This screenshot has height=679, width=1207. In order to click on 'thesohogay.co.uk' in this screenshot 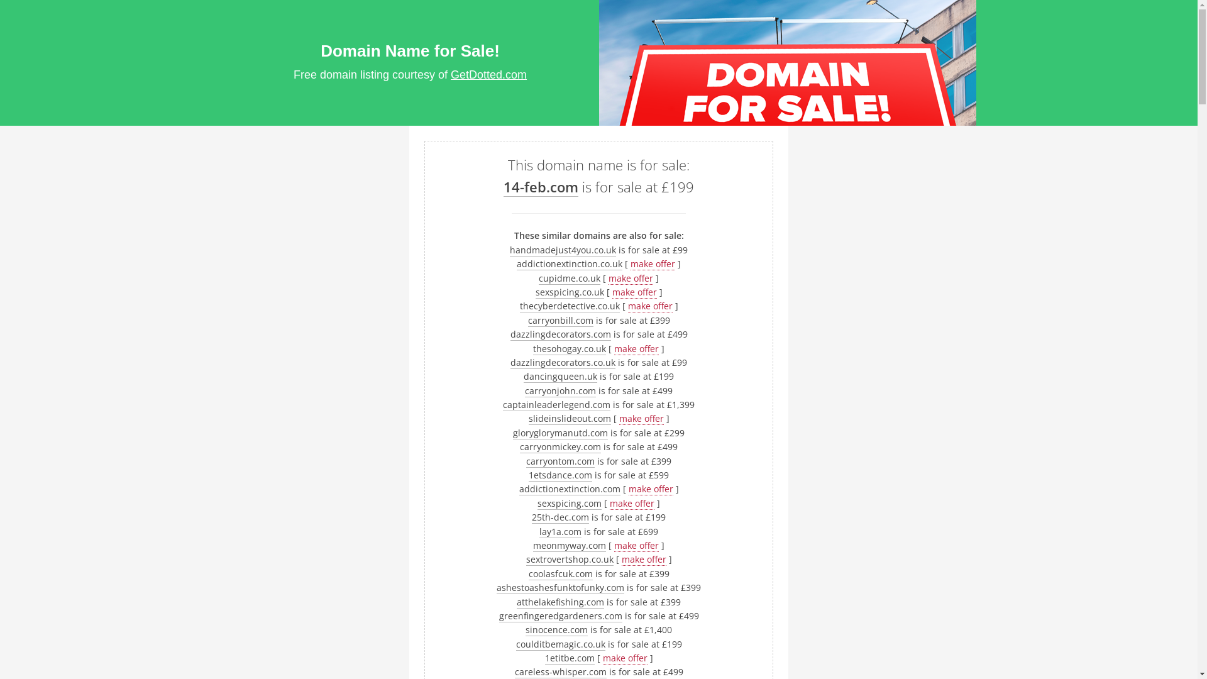, I will do `click(569, 348)`.